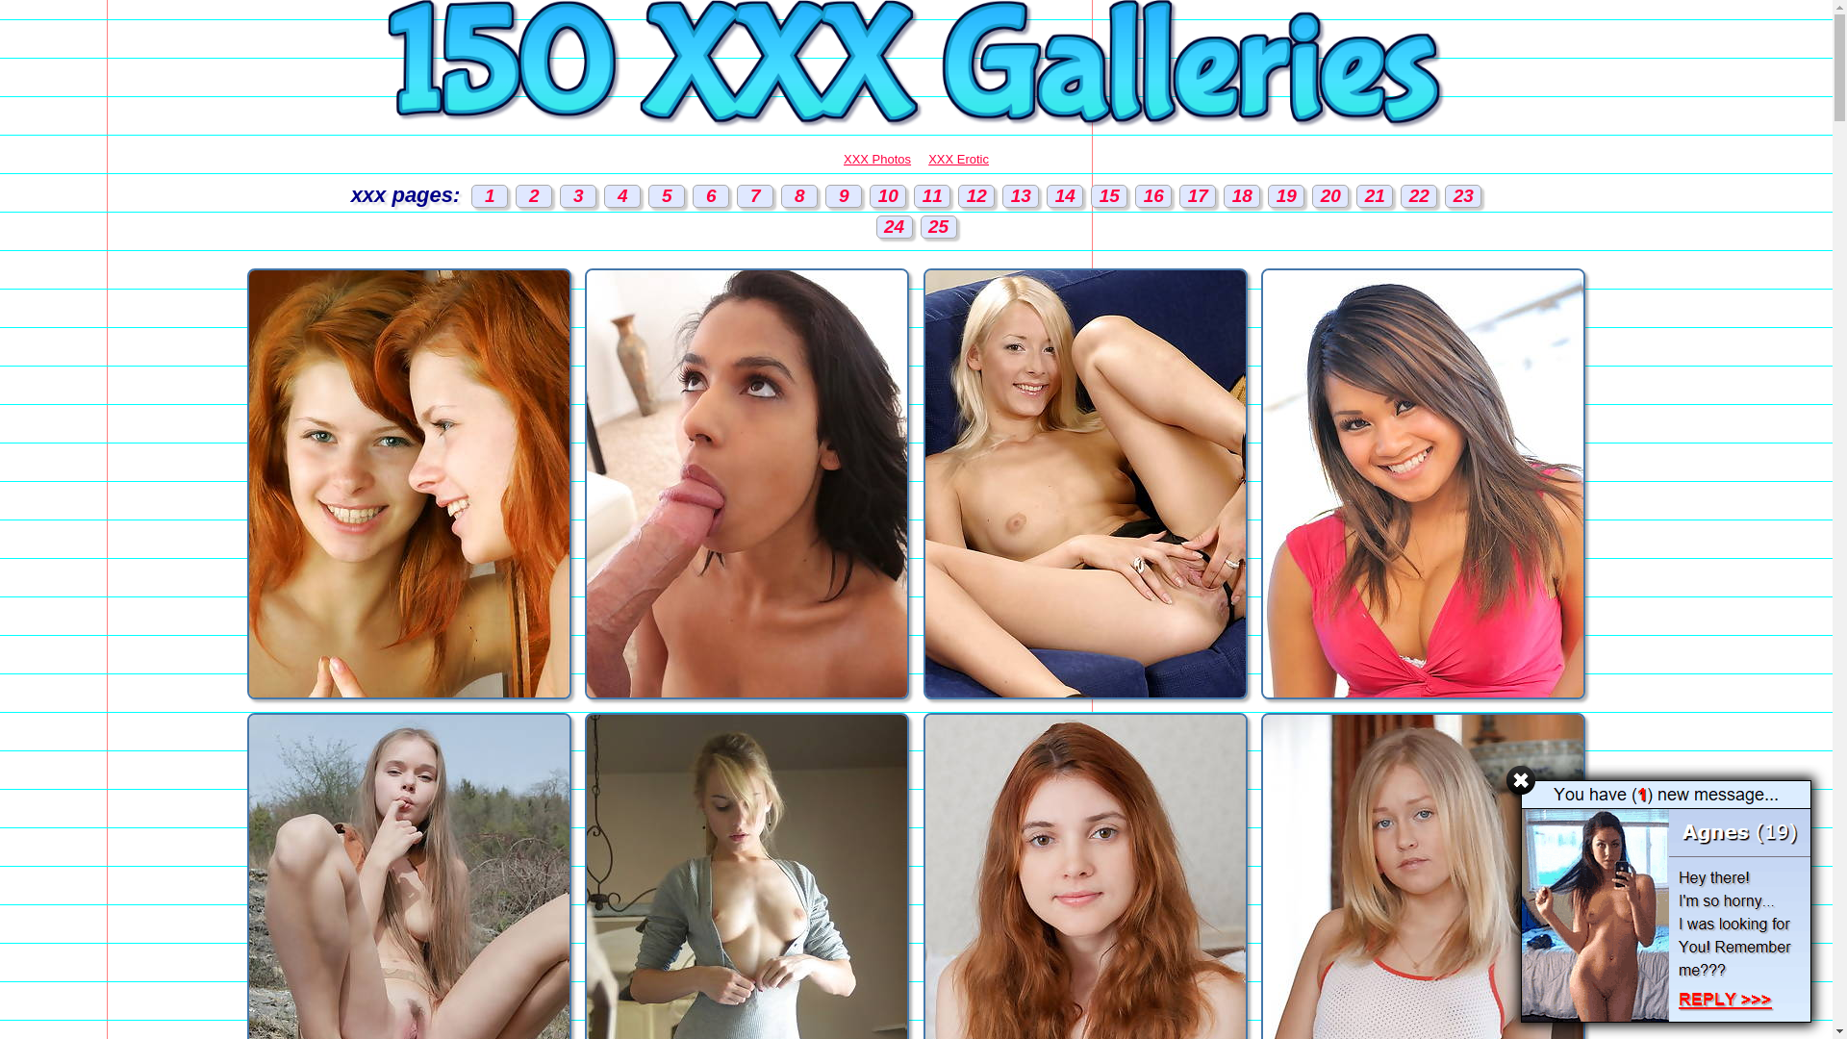 The height and width of the screenshot is (1039, 1847). What do you see at coordinates (893, 225) in the screenshot?
I see `'24'` at bounding box center [893, 225].